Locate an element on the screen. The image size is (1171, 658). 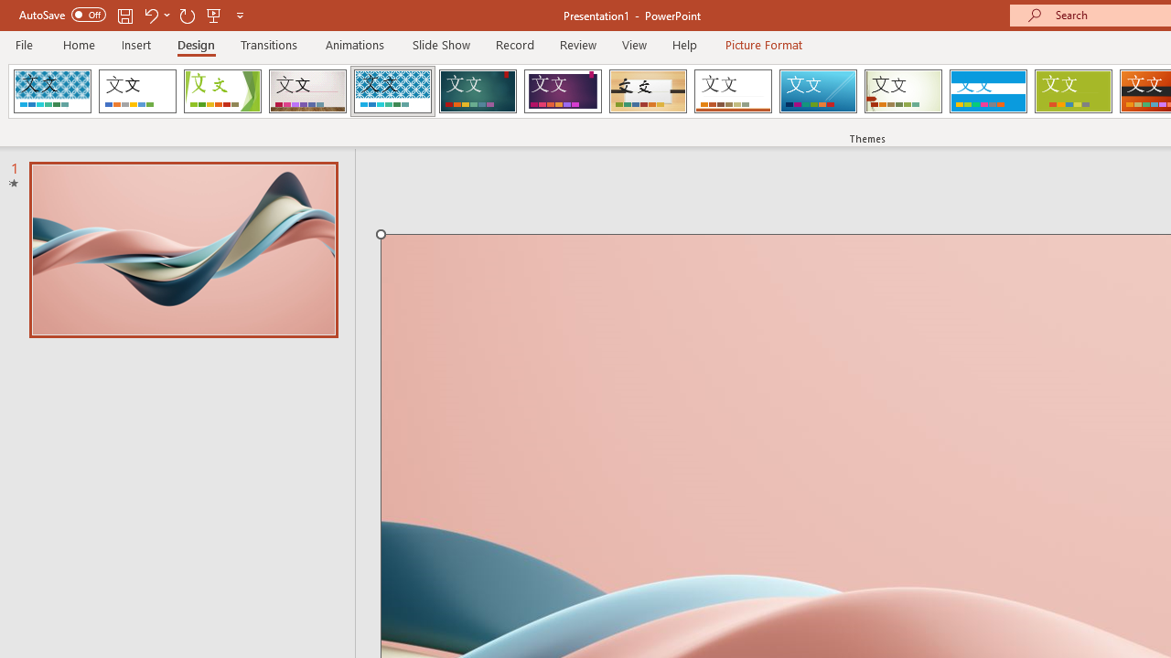
'Organic' is located at coordinates (648, 91).